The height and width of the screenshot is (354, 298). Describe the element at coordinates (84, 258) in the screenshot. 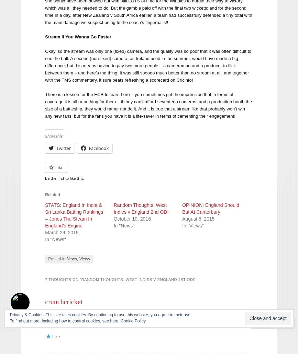

I see `'Views'` at that location.